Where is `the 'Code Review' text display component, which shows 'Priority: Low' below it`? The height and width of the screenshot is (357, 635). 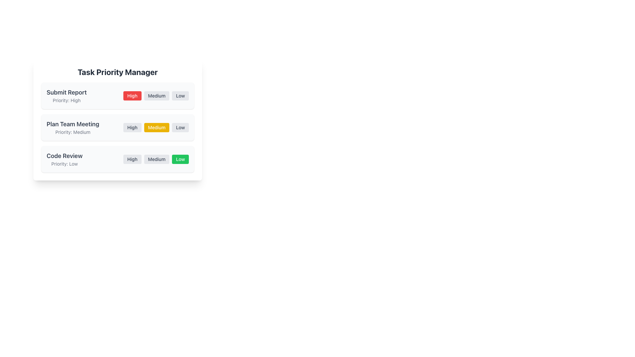
the 'Code Review' text display component, which shows 'Priority: Low' below it is located at coordinates (64, 159).